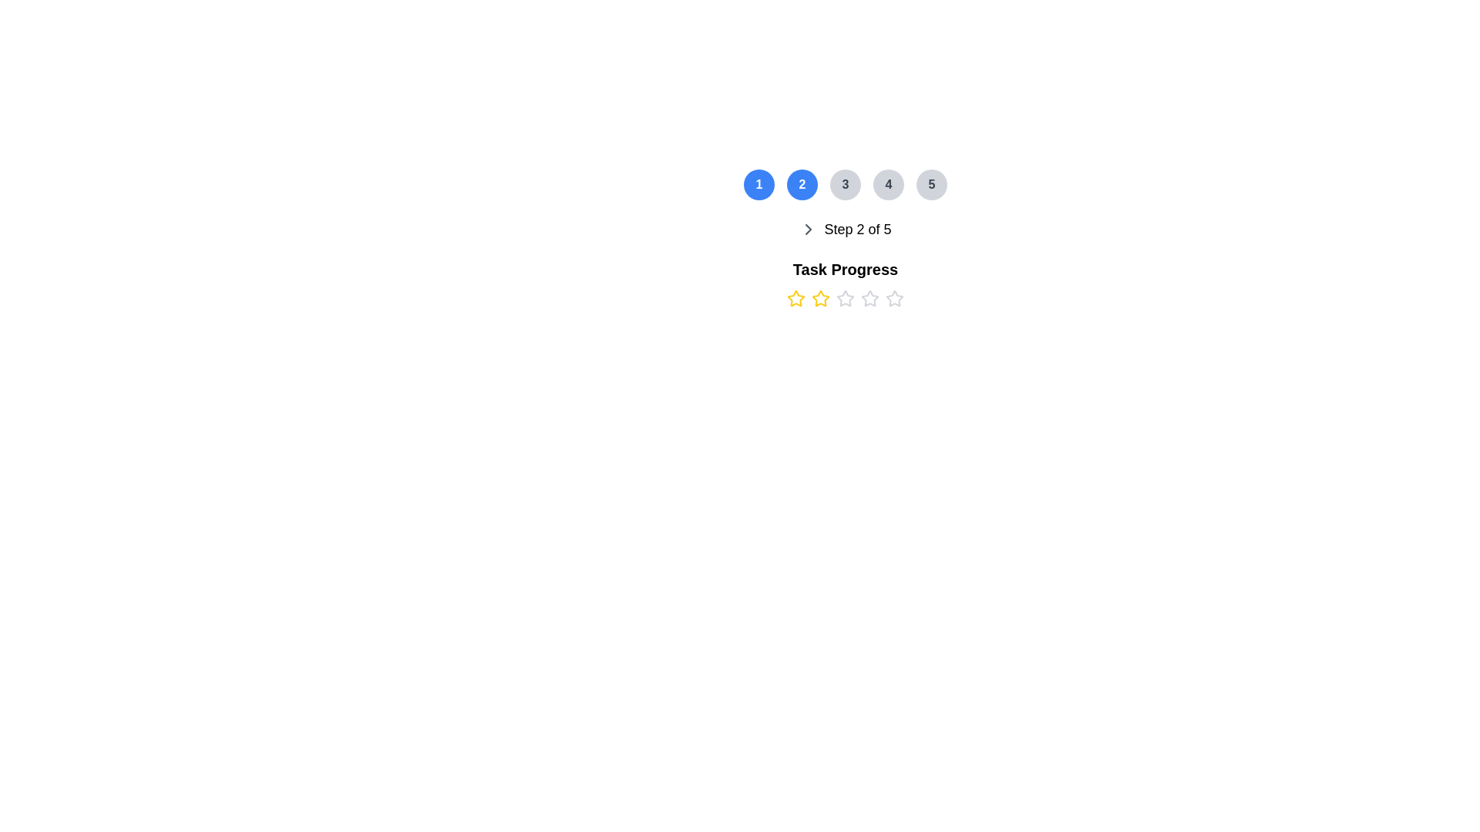 The image size is (1480, 832). Describe the element at coordinates (931, 183) in the screenshot. I see `the circular button labeled '5'` at that location.